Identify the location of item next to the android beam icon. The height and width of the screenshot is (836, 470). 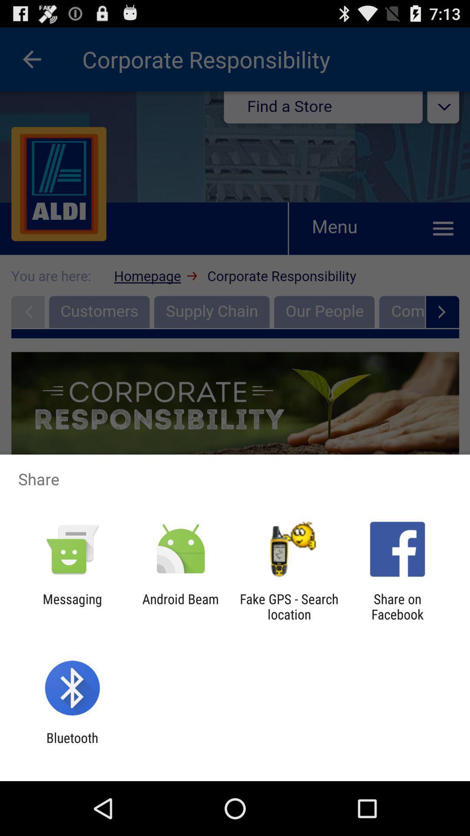
(289, 606).